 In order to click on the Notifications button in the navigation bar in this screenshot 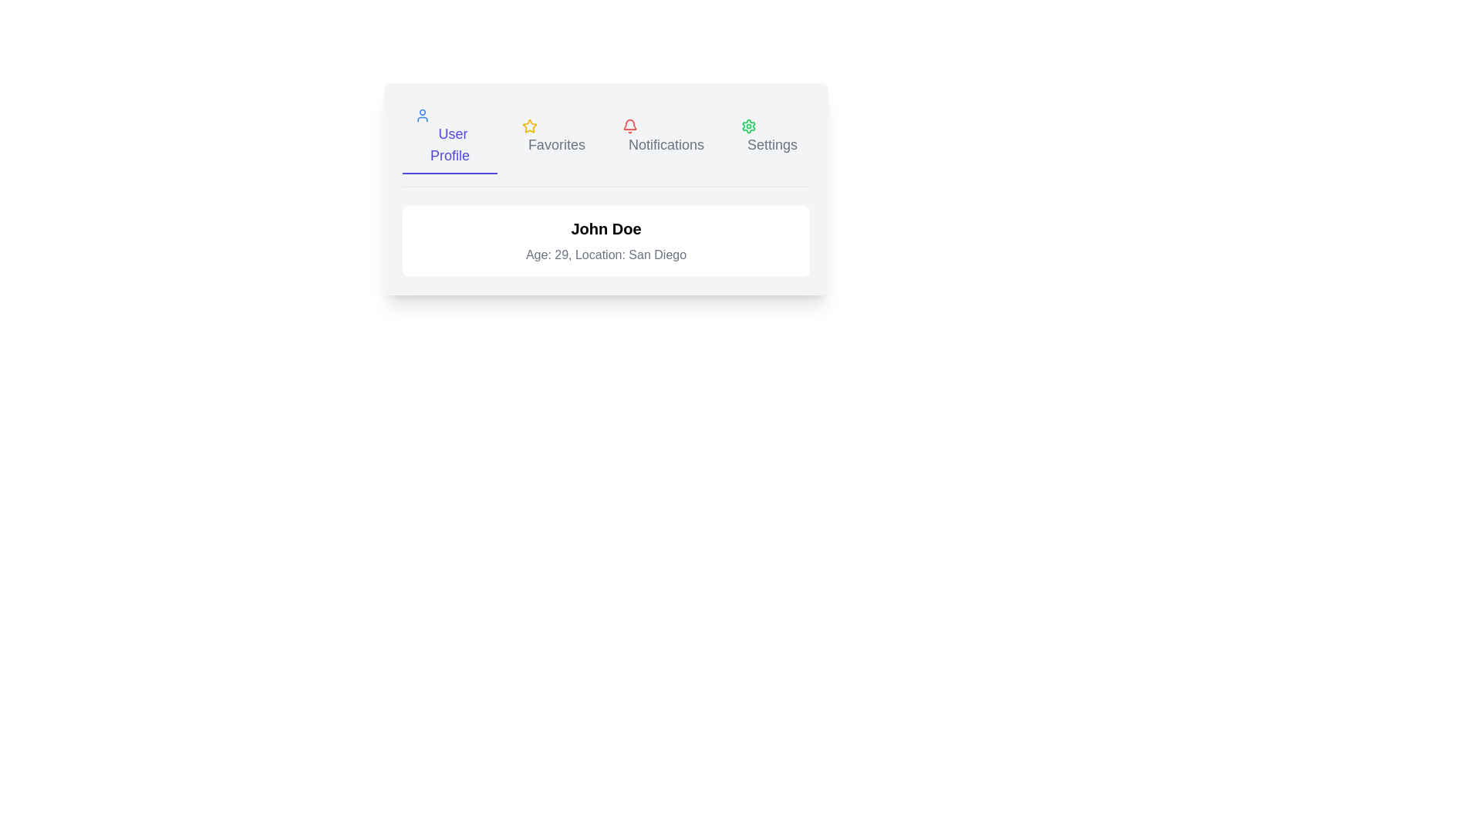, I will do `click(663, 137)`.